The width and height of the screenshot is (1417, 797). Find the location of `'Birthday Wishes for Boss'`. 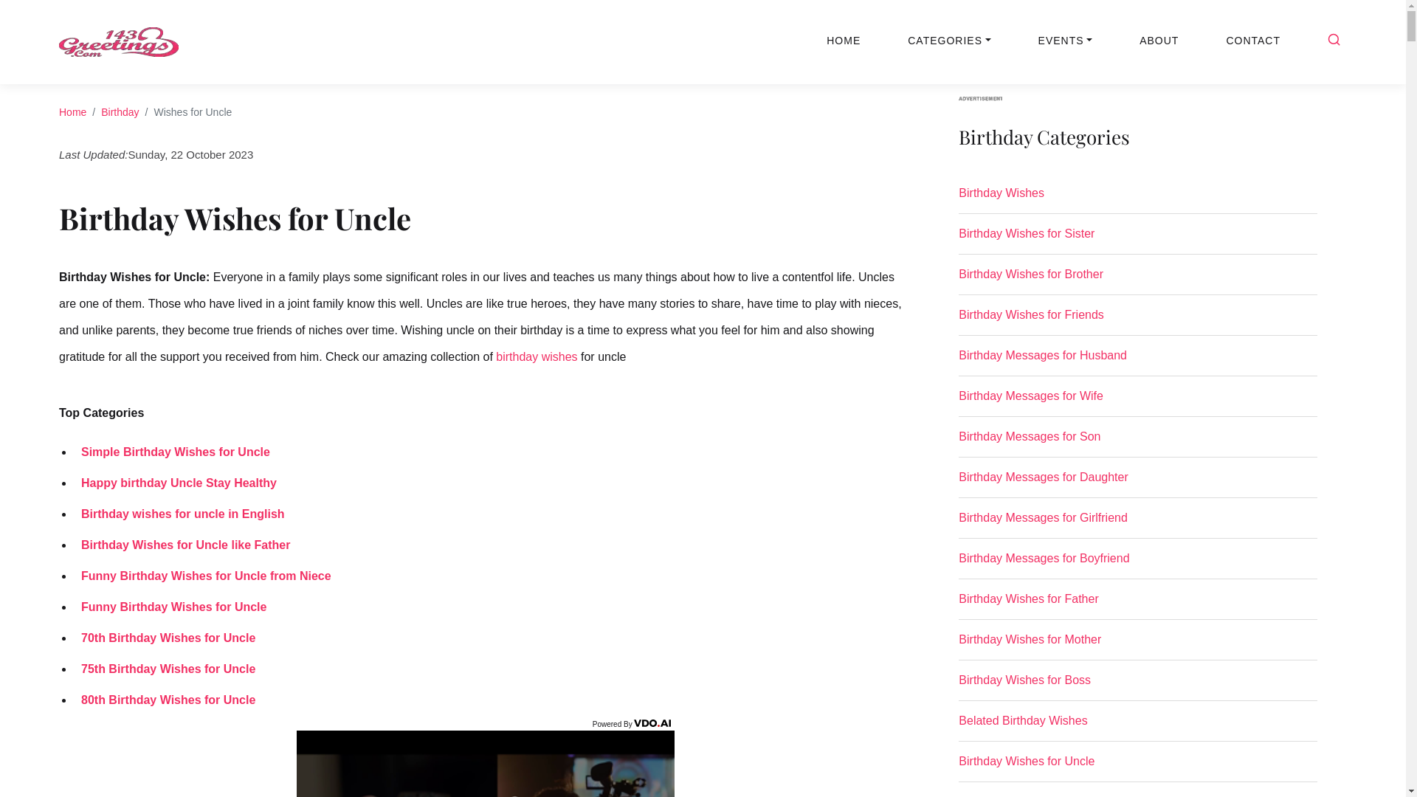

'Birthday Wishes for Boss' is located at coordinates (1137, 686).